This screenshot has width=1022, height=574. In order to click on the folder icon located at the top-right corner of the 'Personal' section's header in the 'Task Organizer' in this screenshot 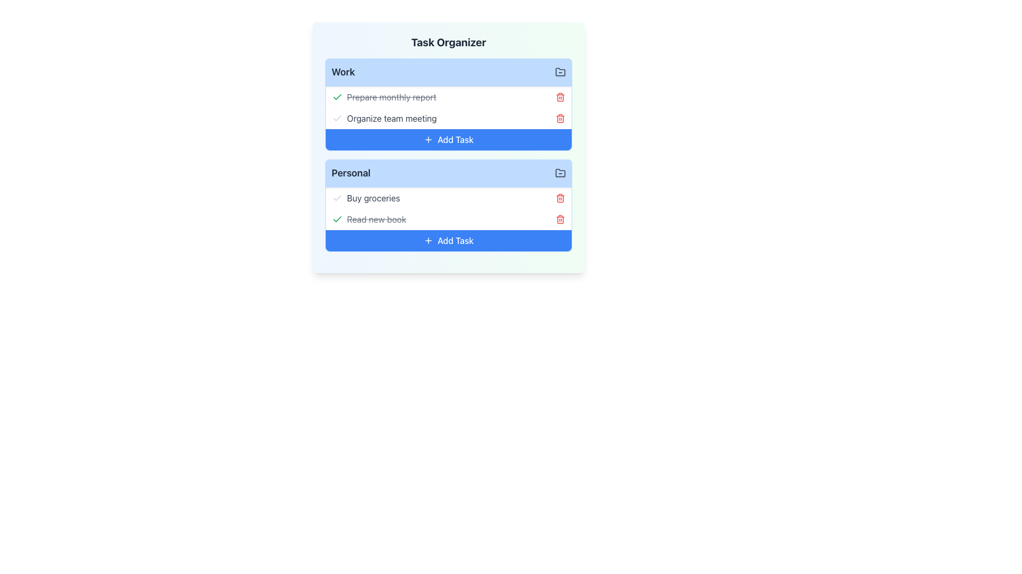, I will do `click(559, 173)`.